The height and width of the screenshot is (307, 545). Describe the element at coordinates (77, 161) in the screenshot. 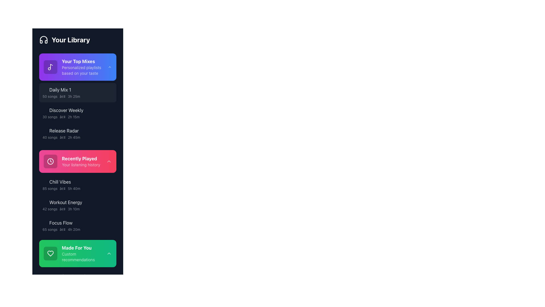

I see `the button labeled 'Recently Played' which features a clock icon on the left and a downward-facing chevron icon on the right` at that location.